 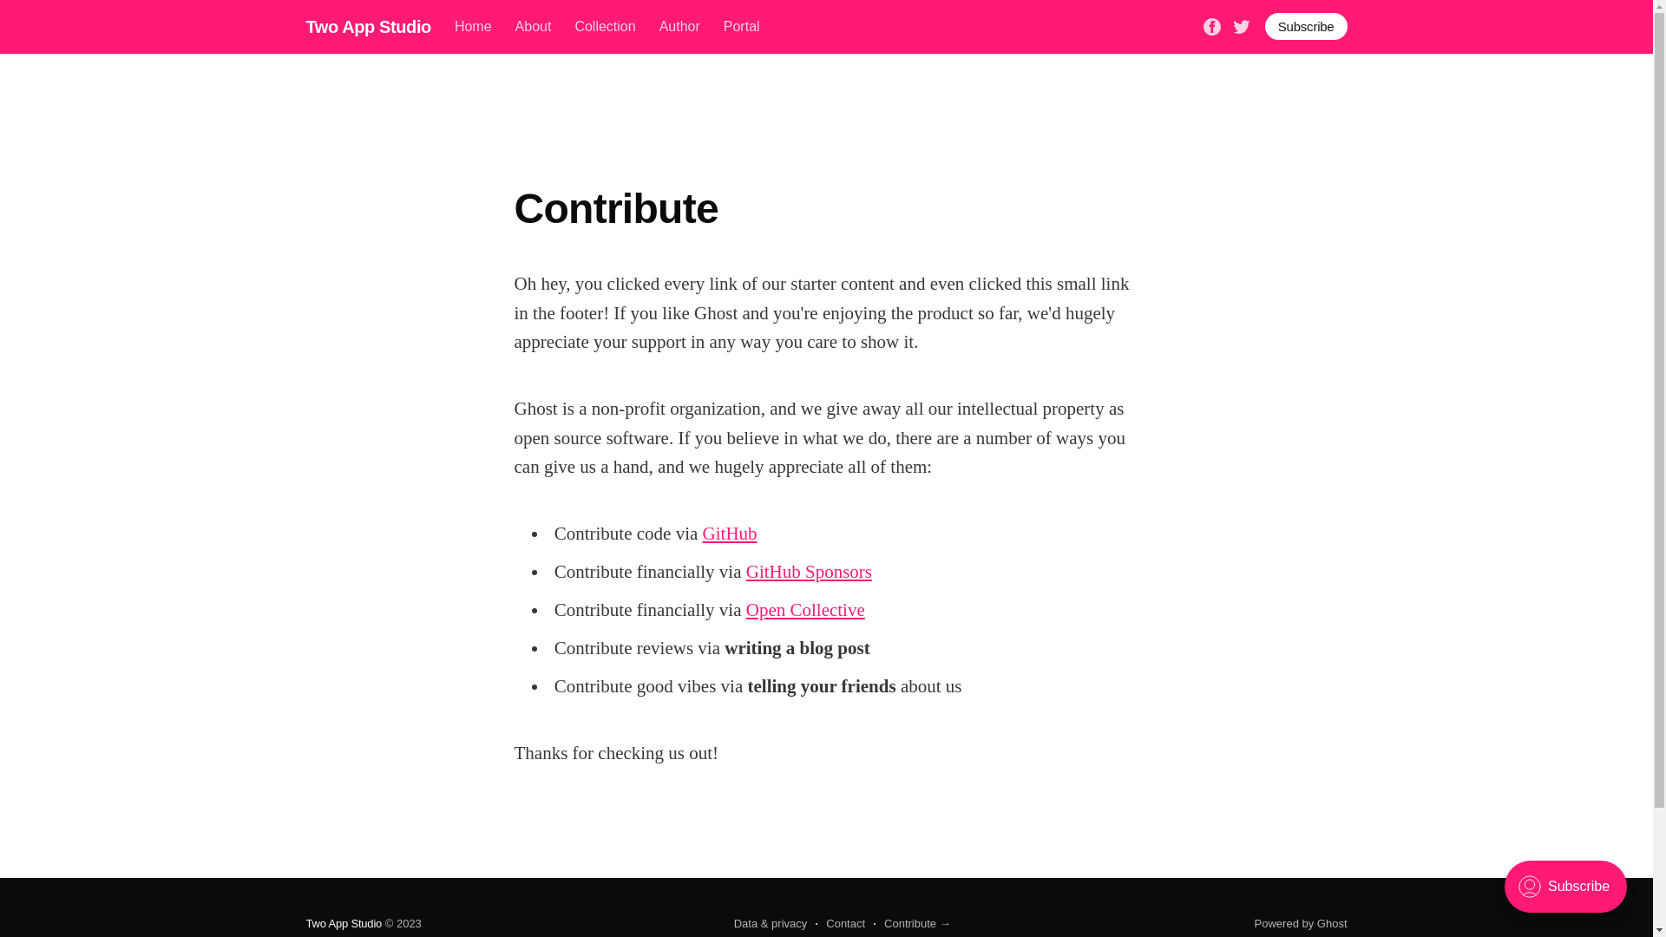 What do you see at coordinates (770, 922) in the screenshot?
I see `'Data & privacy'` at bounding box center [770, 922].